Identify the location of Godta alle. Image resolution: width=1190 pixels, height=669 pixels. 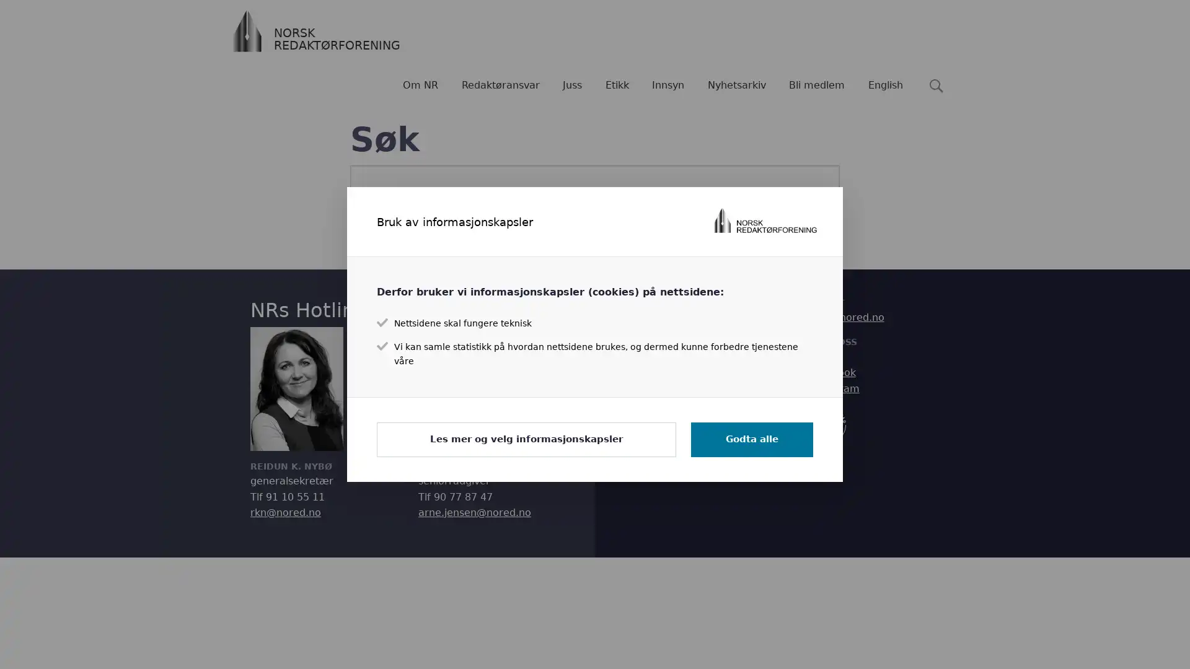
(751, 439).